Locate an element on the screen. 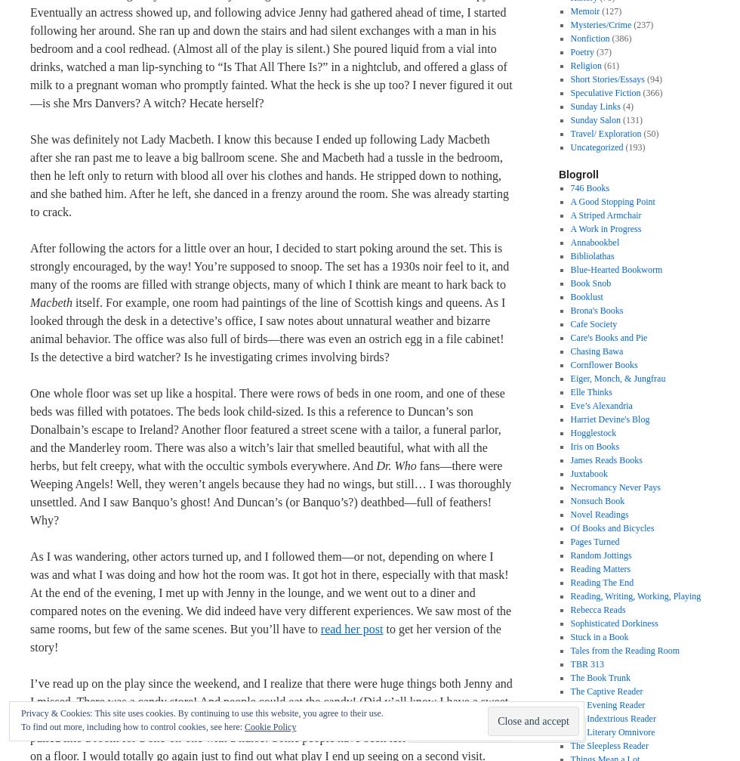  'Elle Thinks' is located at coordinates (591, 391).